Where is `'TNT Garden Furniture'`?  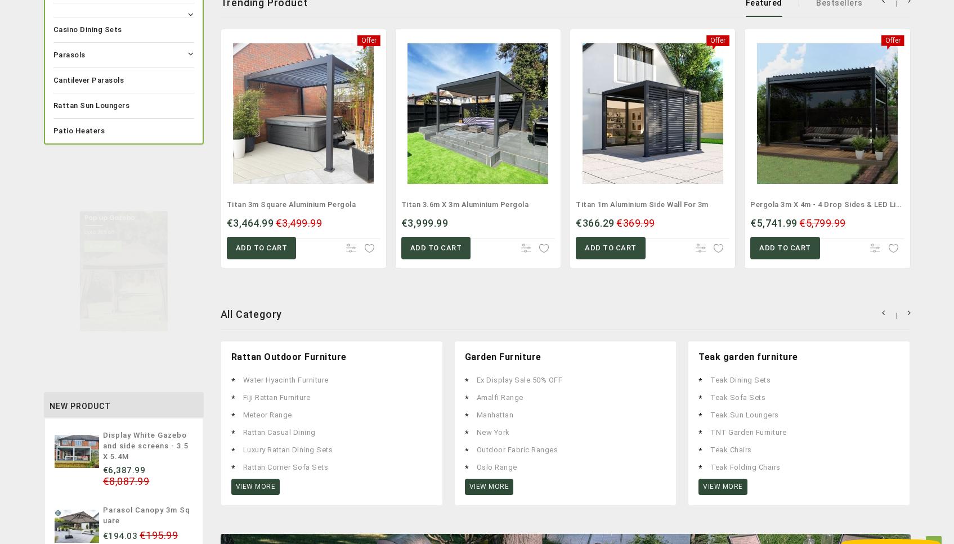 'TNT Garden Furniture' is located at coordinates (748, 431).